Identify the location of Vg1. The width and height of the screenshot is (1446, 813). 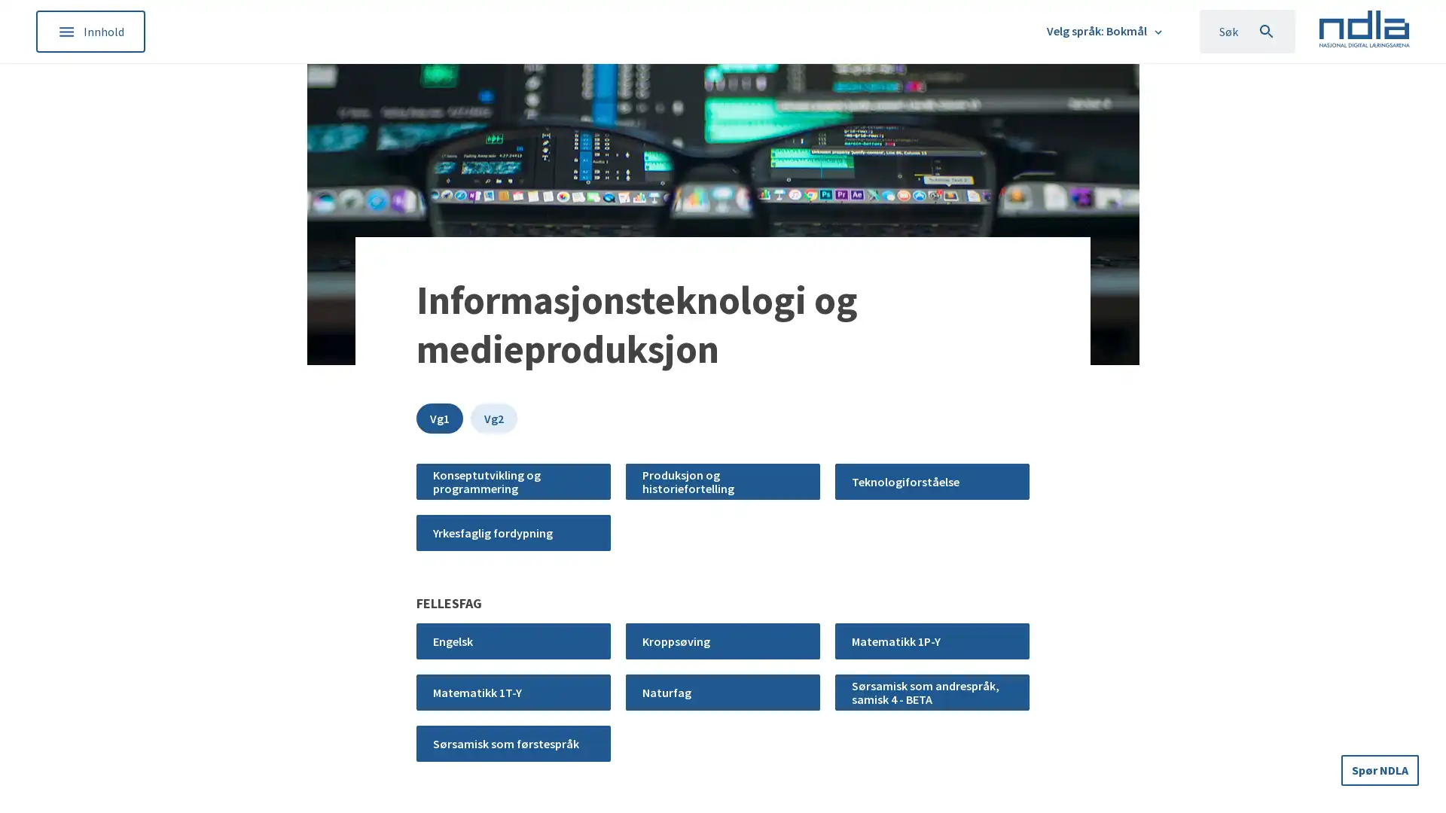
(439, 418).